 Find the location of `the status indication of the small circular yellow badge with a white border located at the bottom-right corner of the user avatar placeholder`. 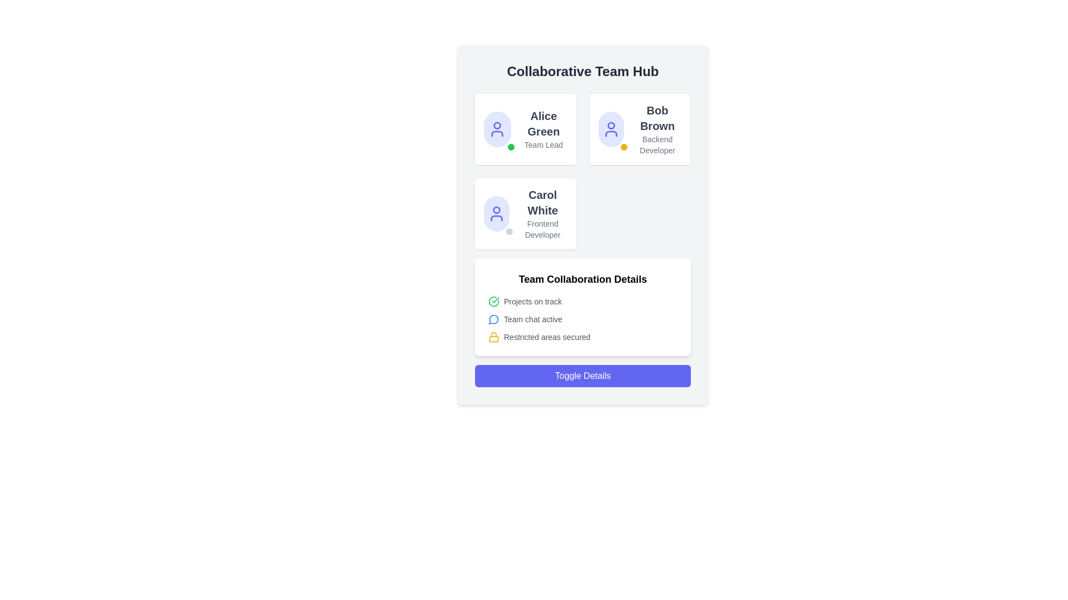

the status indication of the small circular yellow badge with a white border located at the bottom-right corner of the user avatar placeholder is located at coordinates (624, 147).